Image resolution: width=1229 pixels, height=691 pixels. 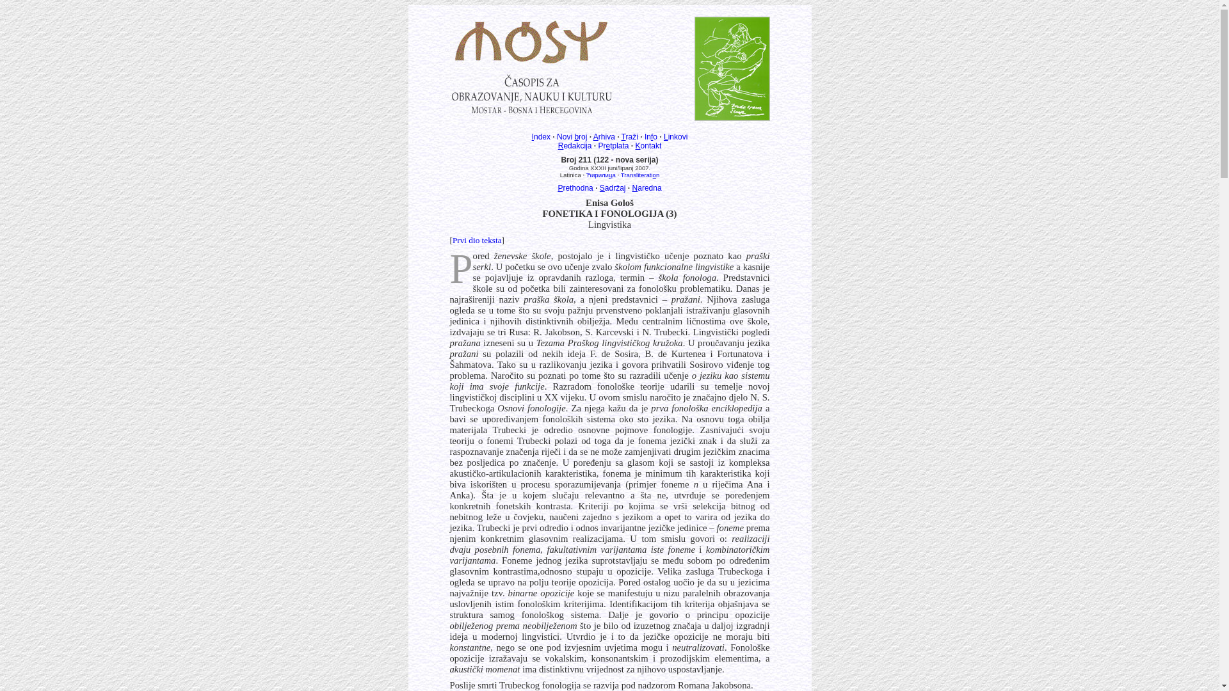 What do you see at coordinates (574, 145) in the screenshot?
I see `'Redakcija'` at bounding box center [574, 145].